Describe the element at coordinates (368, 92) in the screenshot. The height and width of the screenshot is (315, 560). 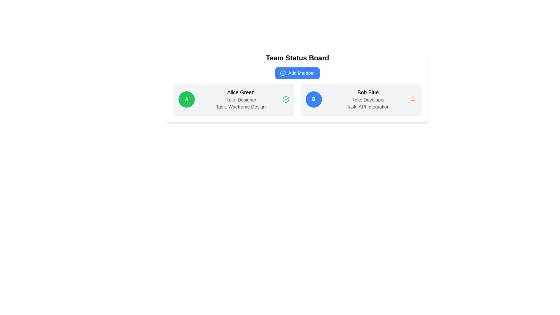
I see `the text label displaying the name of the team member 'Bob Blue' in the Team Status Board layout, located in the right card of a two-card layout` at that location.